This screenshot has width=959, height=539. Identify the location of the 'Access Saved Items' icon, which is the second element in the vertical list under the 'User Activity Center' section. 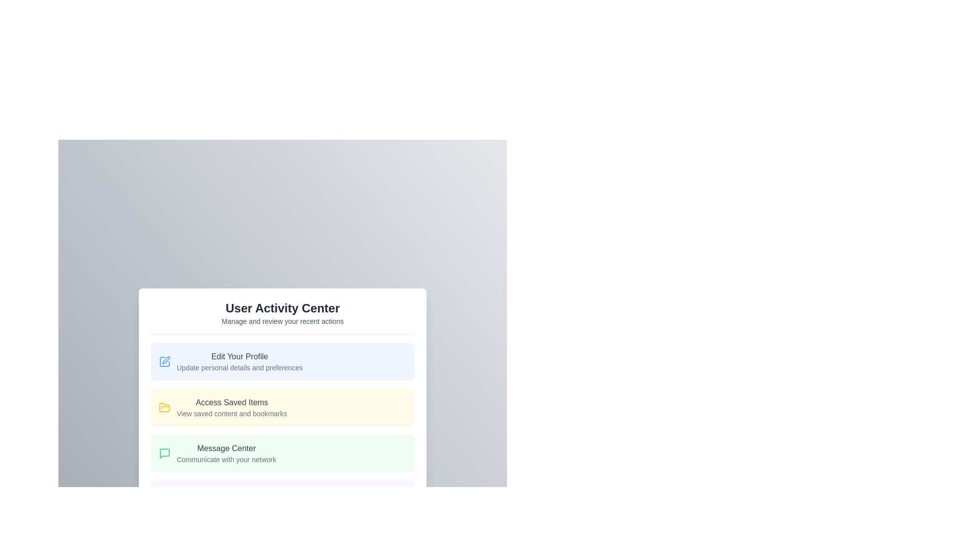
(165, 407).